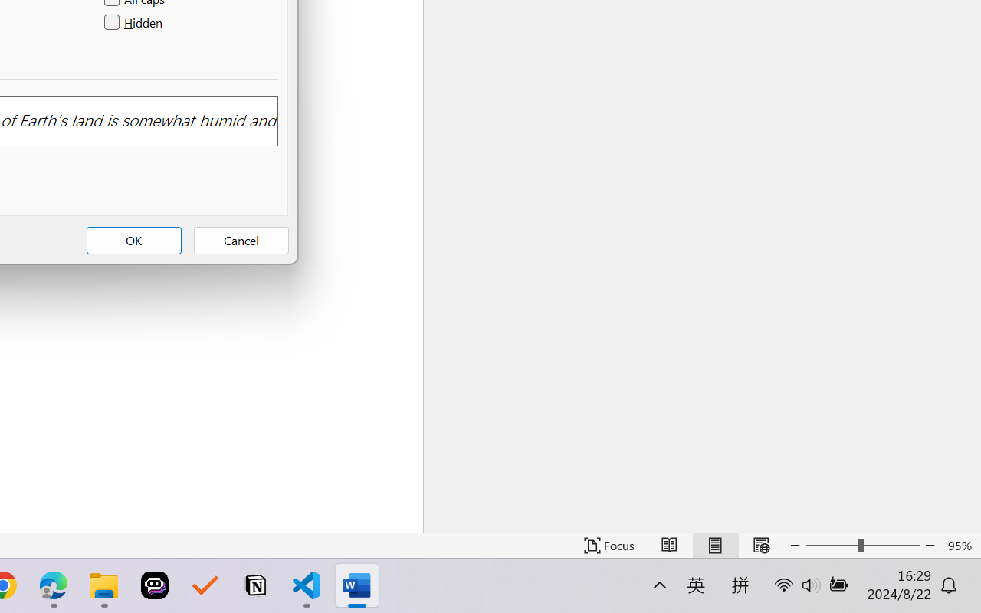 This screenshot has height=613, width=981. What do you see at coordinates (960, 545) in the screenshot?
I see `'Zoom 95%'` at bounding box center [960, 545].